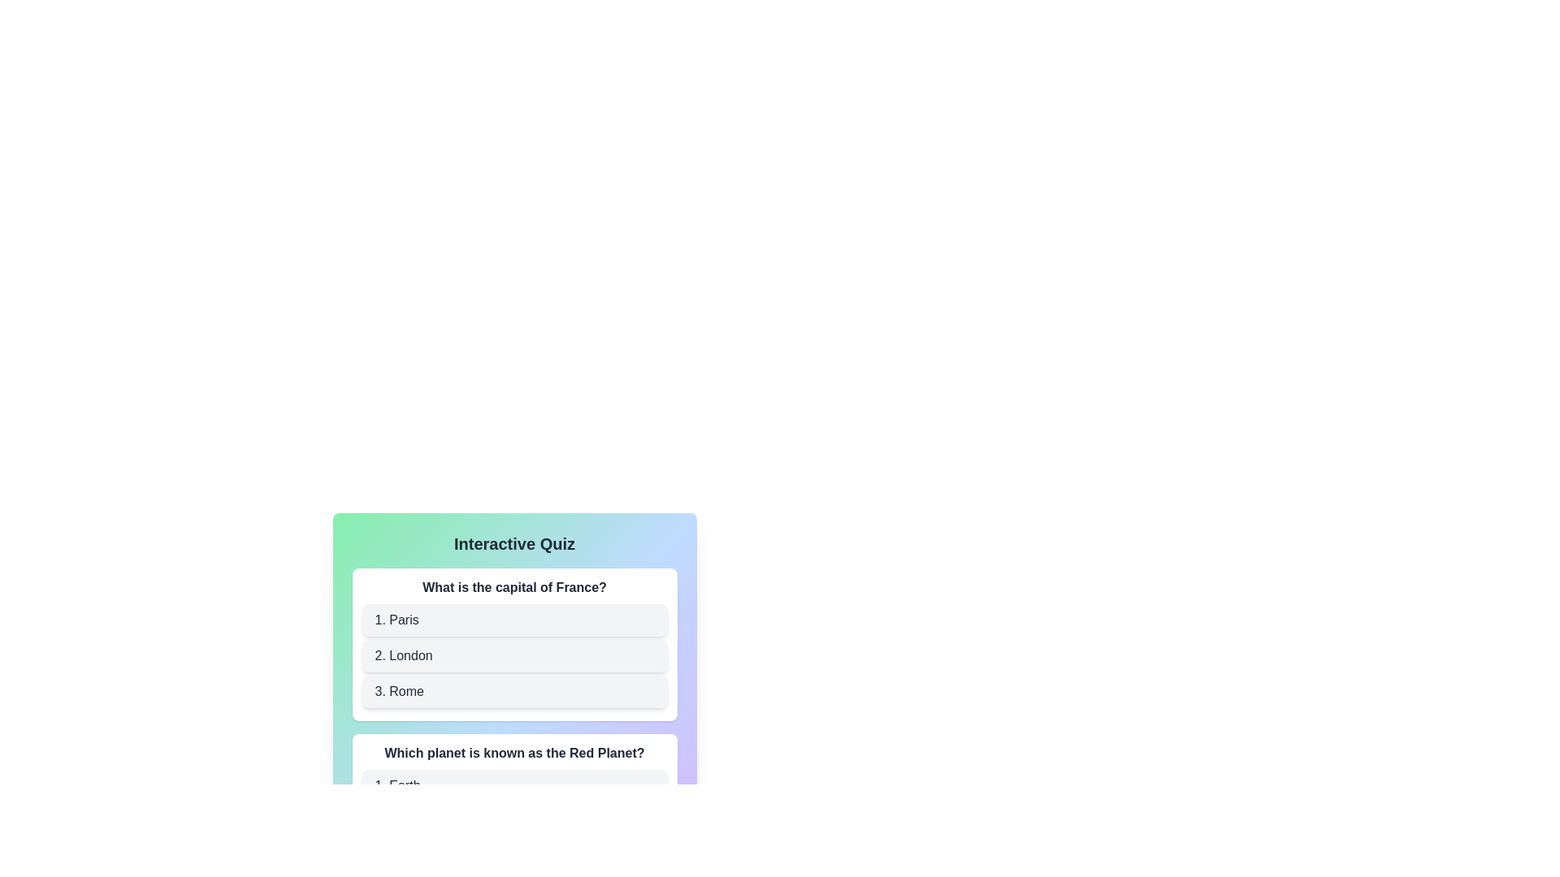 The image size is (1560, 877). Describe the element at coordinates (513, 588) in the screenshot. I see `text content of the Text Label displaying the quiz question, which is centrally located above the first answer option` at that location.